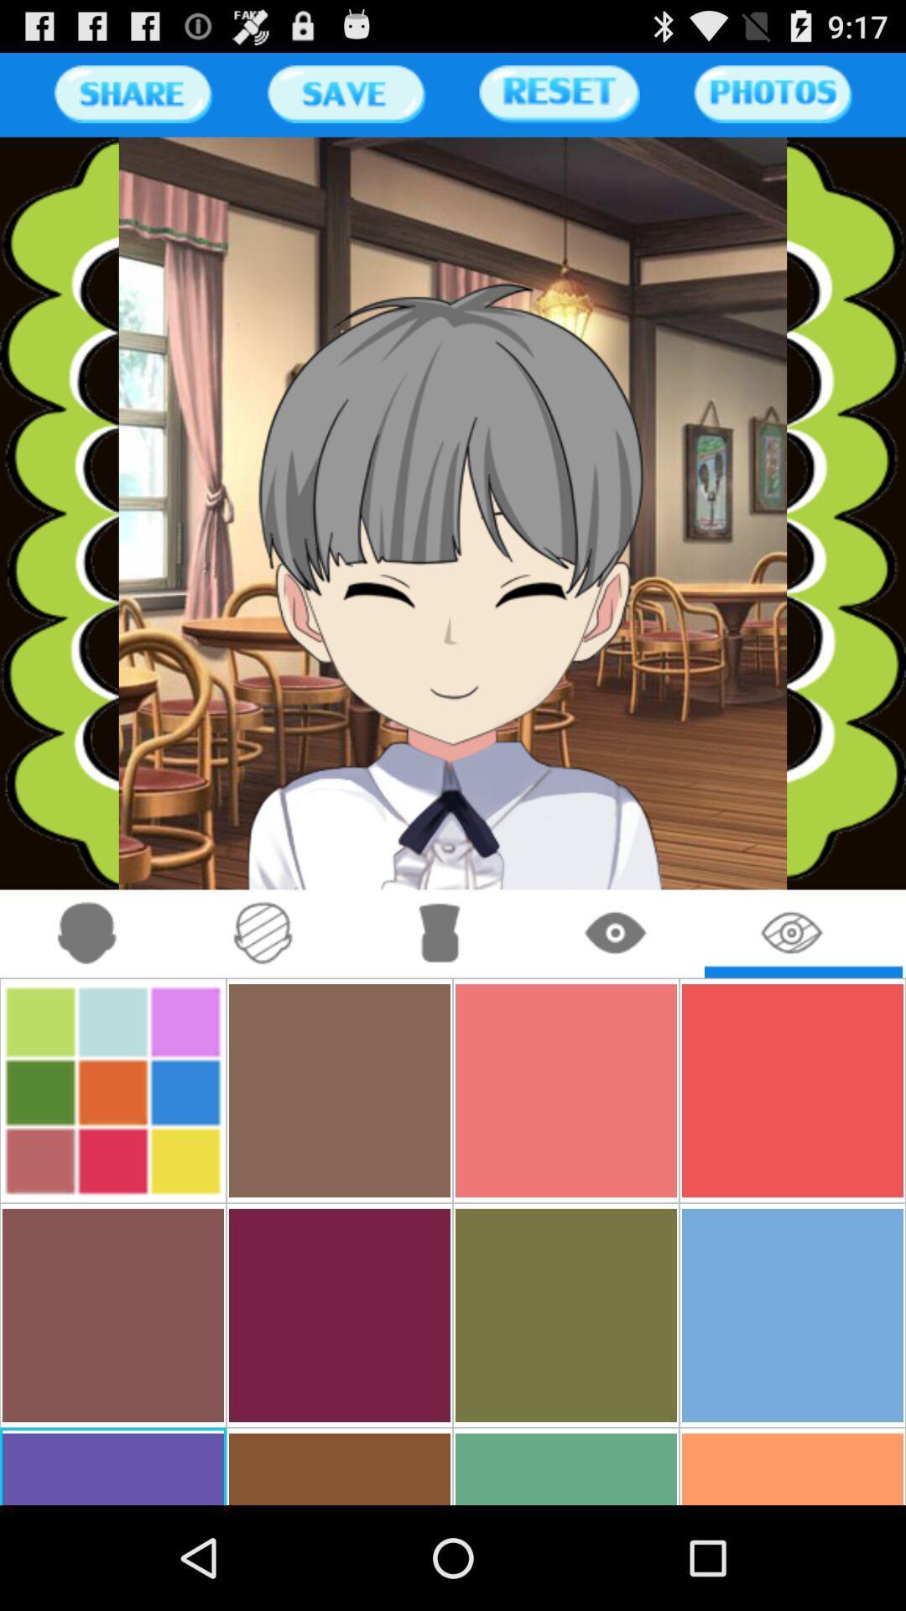  I want to click on save, so click(345, 93).